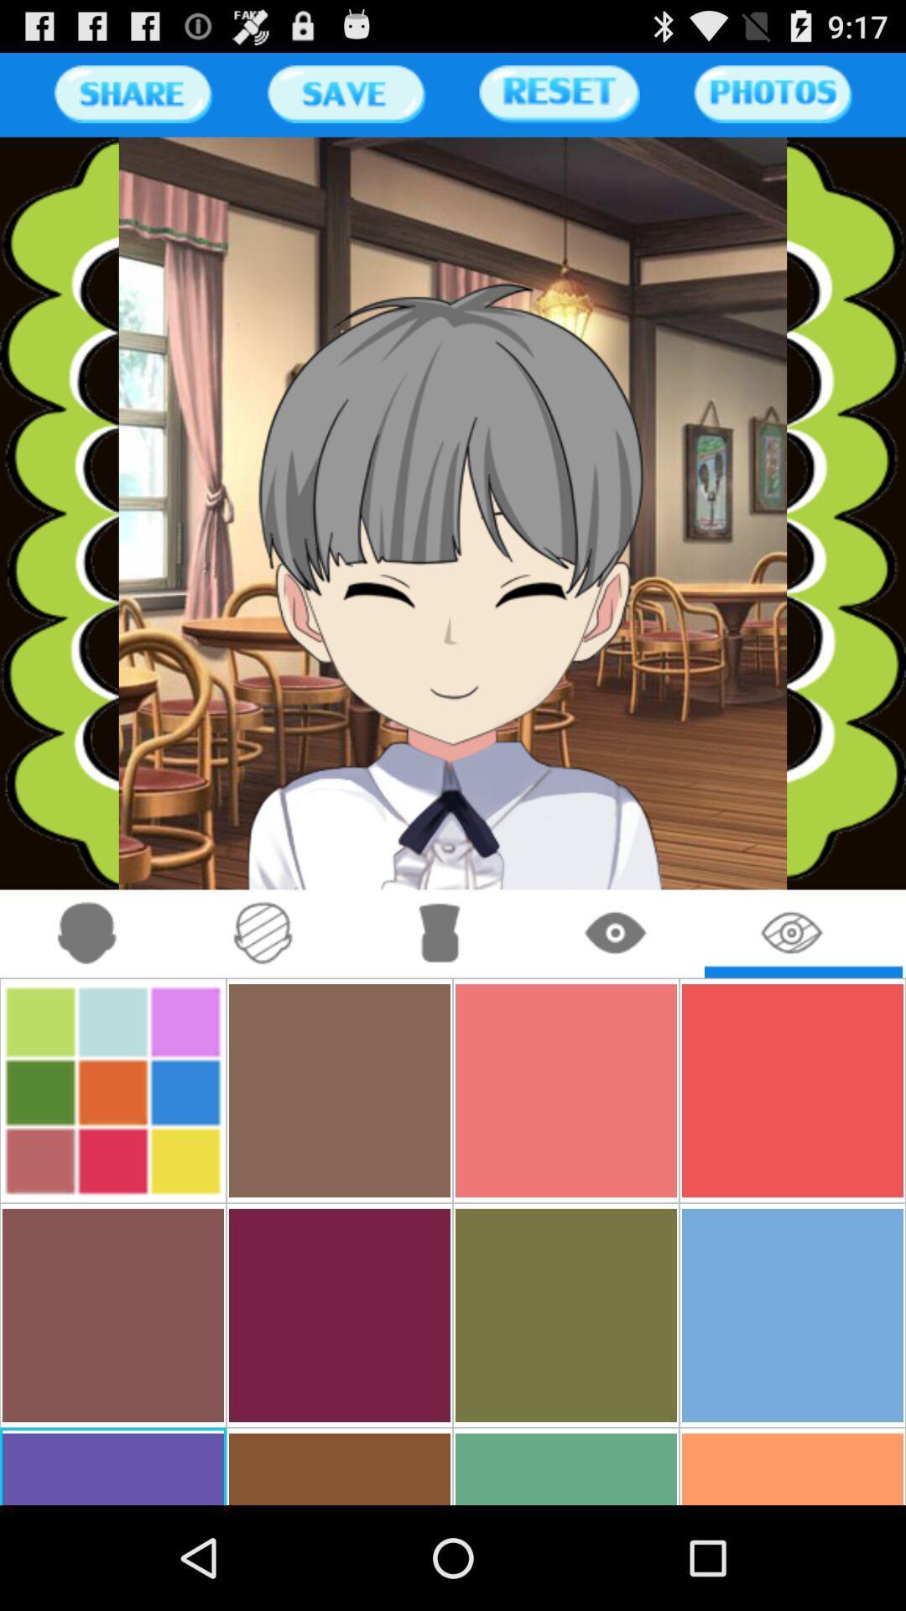  I want to click on save, so click(345, 93).